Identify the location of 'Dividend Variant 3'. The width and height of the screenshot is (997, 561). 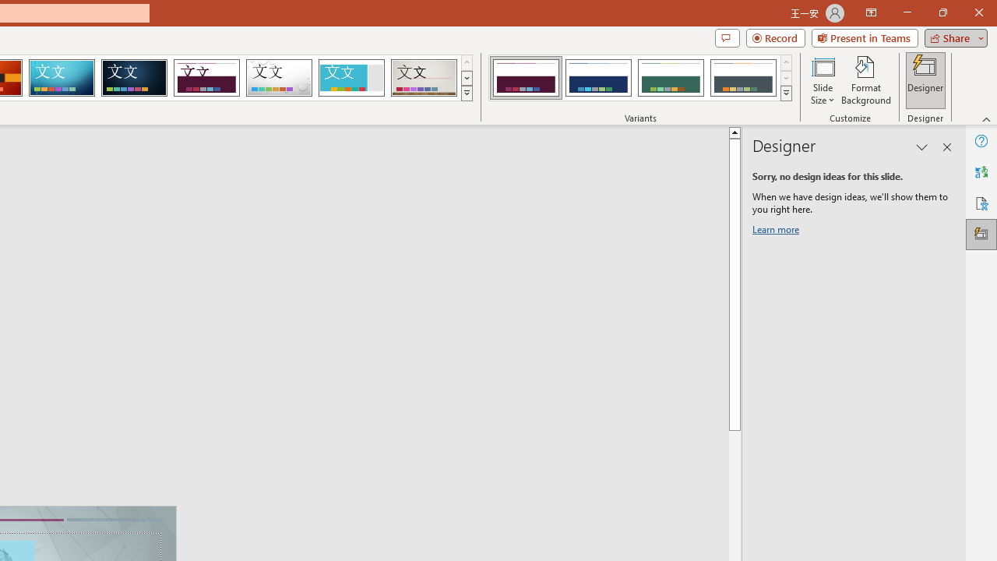
(671, 78).